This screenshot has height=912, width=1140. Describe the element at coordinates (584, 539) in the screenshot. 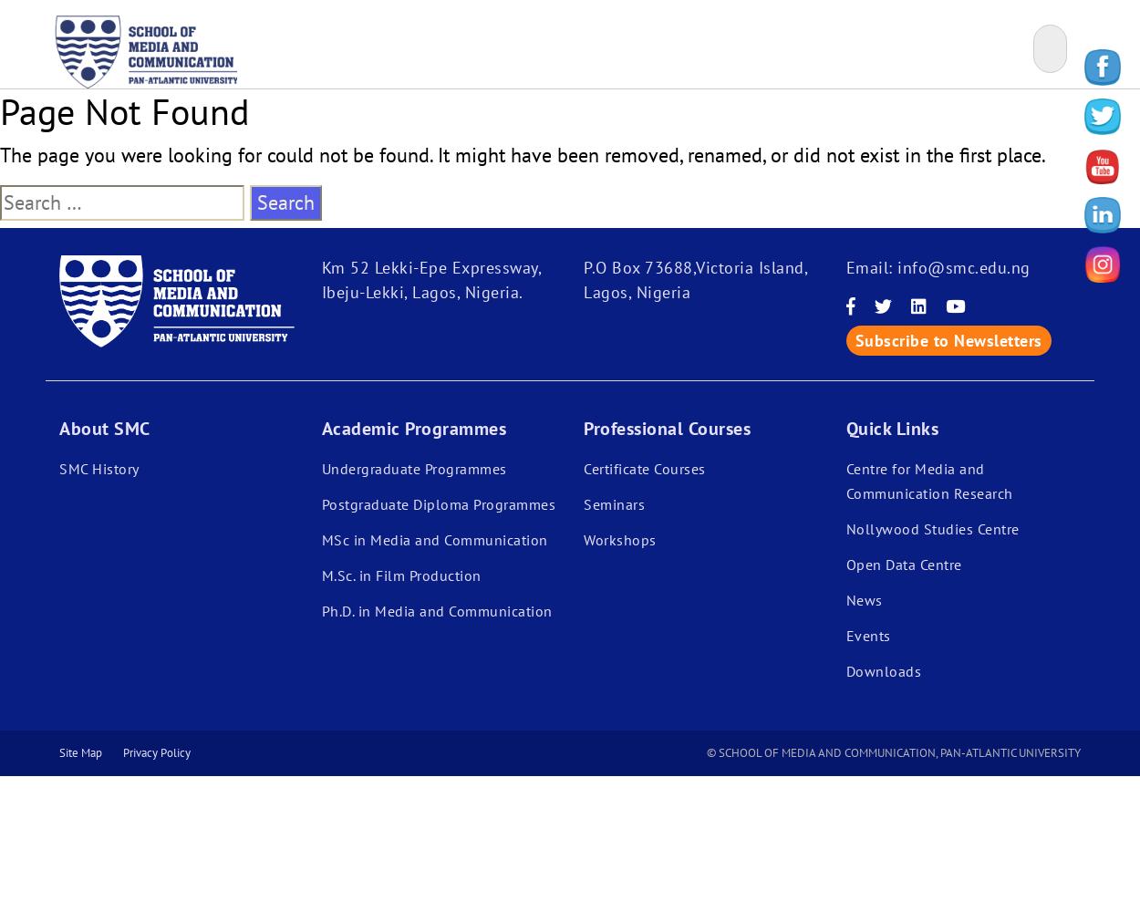

I see `'Workshops'` at that location.